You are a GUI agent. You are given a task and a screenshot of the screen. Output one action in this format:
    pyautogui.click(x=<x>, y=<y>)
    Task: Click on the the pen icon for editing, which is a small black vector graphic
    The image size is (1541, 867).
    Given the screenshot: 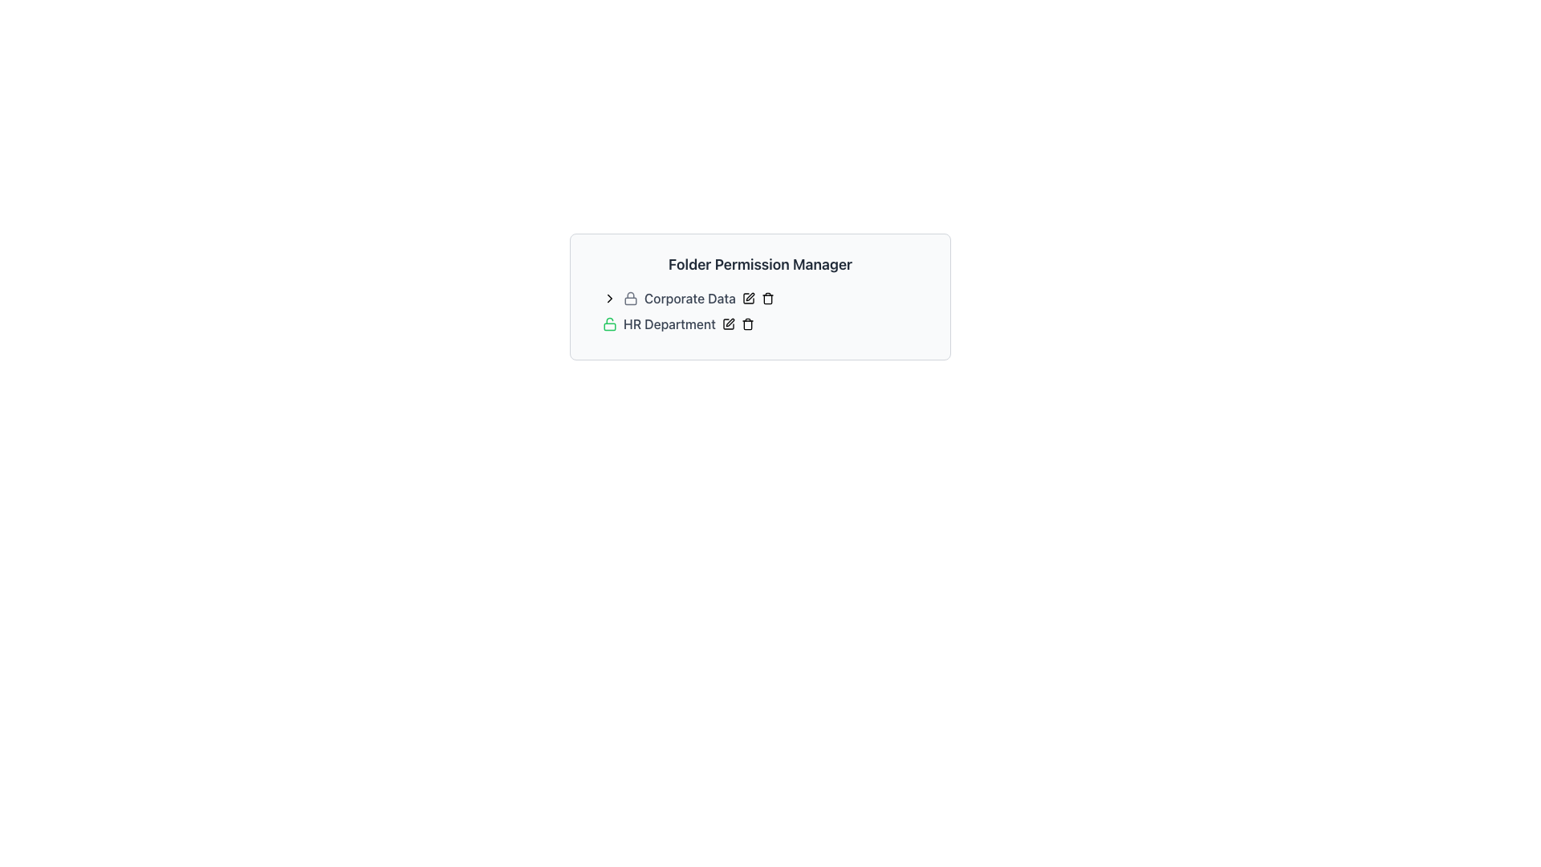 What is the action you would take?
    pyautogui.click(x=729, y=322)
    